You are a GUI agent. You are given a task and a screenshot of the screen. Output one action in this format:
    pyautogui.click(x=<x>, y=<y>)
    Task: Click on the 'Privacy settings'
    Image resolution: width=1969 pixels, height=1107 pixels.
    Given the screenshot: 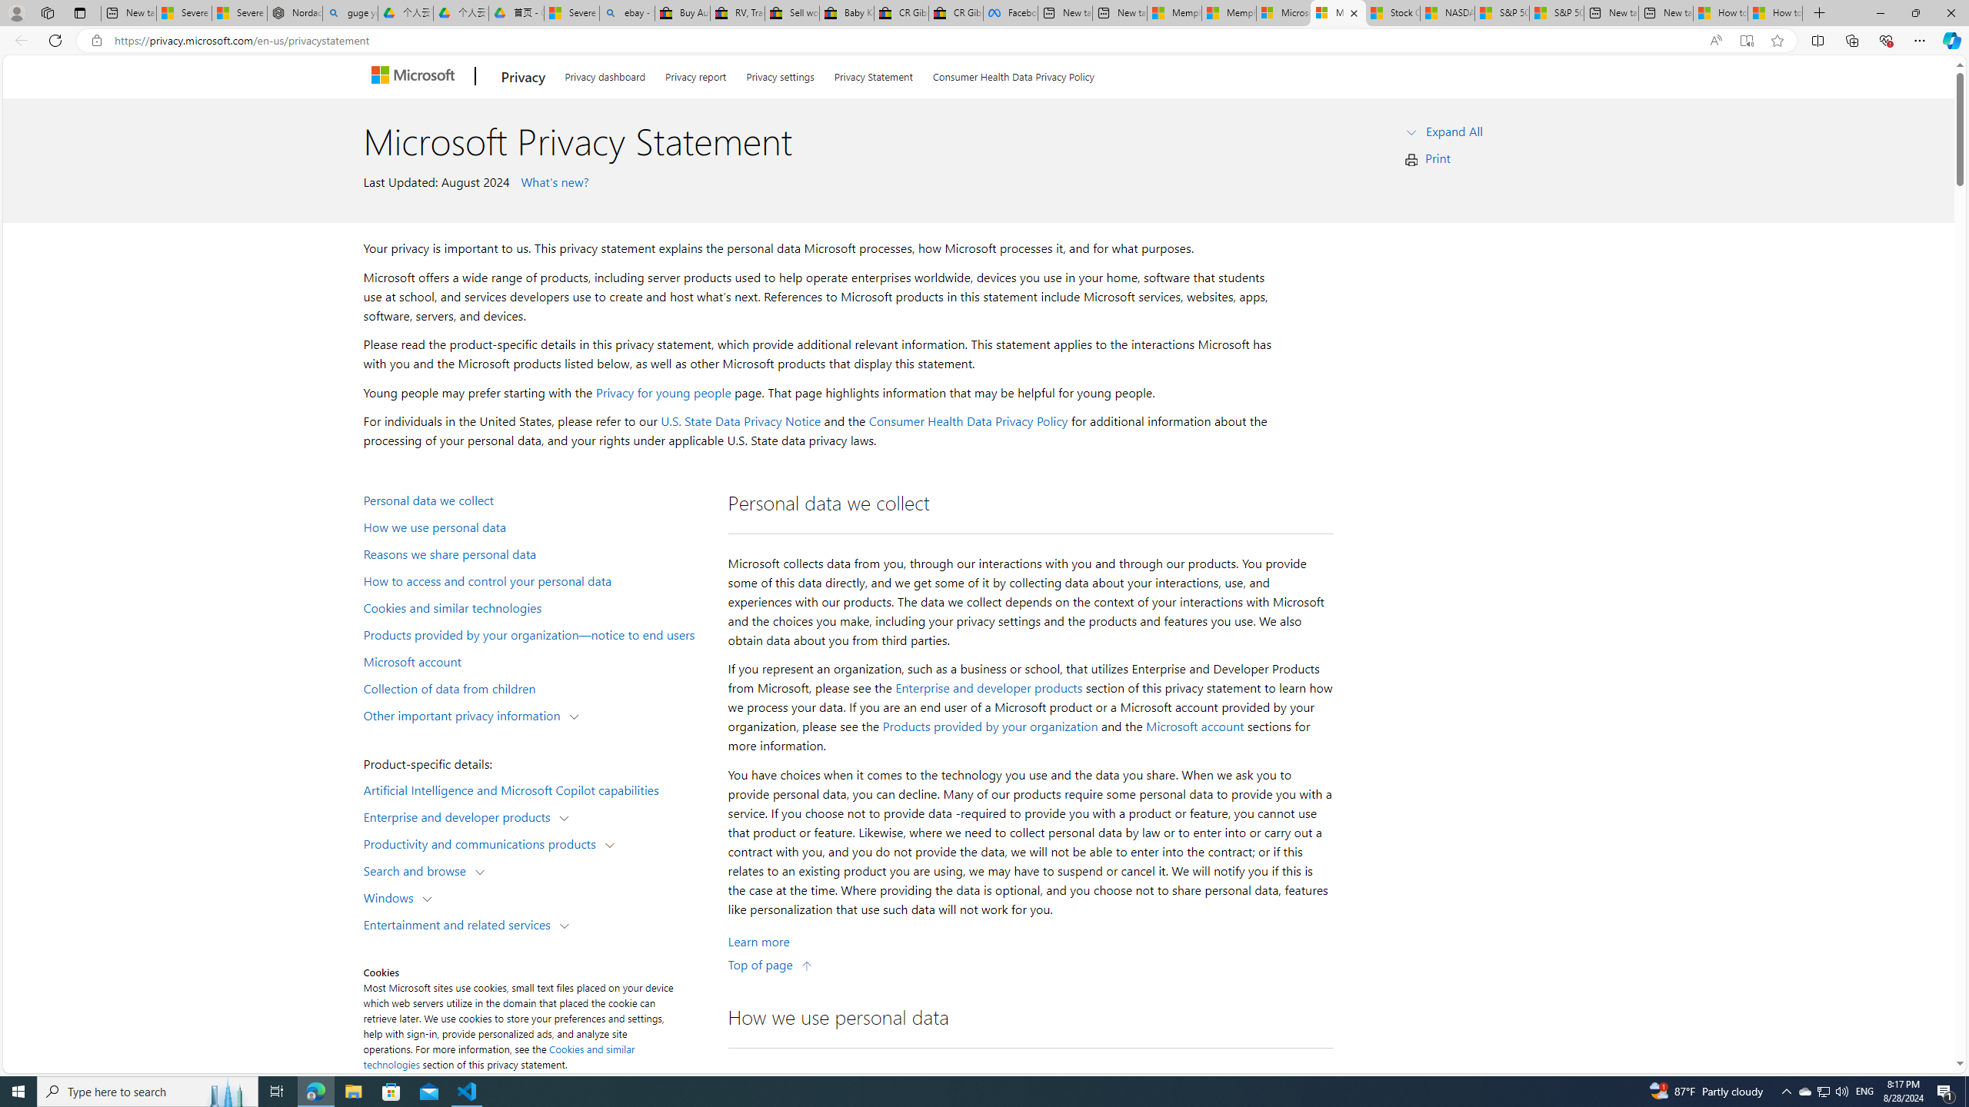 What is the action you would take?
    pyautogui.click(x=781, y=73)
    